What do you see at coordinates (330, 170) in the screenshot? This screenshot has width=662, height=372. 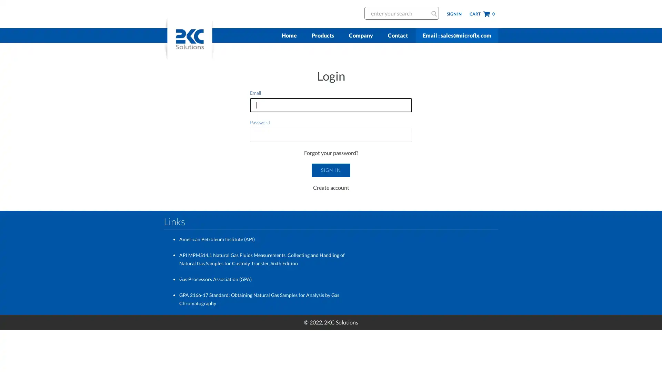 I see `Sign In` at bounding box center [330, 170].